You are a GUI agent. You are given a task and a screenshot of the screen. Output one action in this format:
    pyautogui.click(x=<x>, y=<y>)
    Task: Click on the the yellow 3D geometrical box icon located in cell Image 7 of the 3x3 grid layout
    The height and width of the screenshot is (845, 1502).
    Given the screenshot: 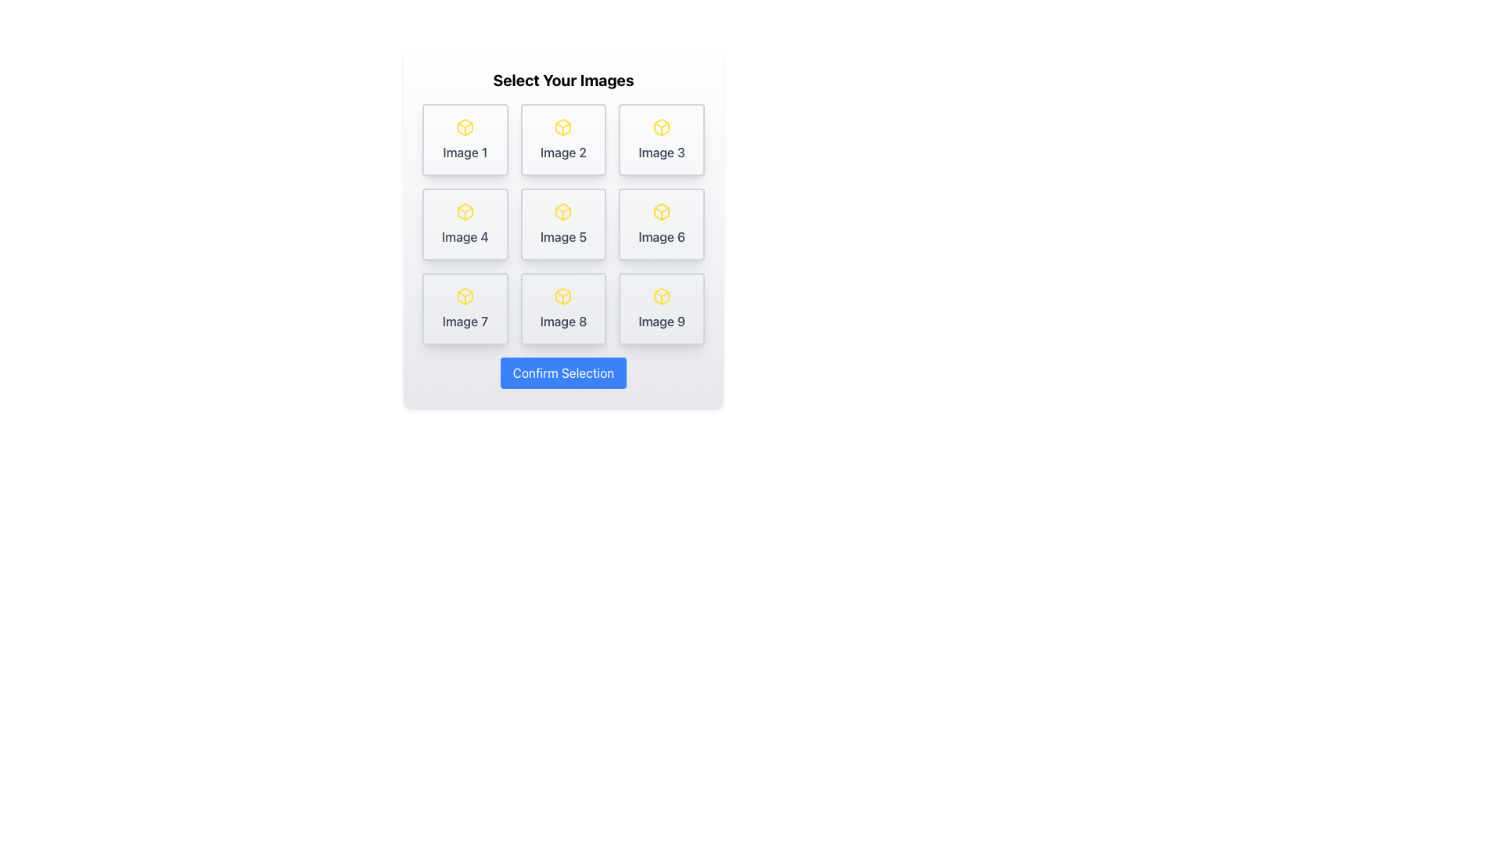 What is the action you would take?
    pyautogui.click(x=464, y=296)
    